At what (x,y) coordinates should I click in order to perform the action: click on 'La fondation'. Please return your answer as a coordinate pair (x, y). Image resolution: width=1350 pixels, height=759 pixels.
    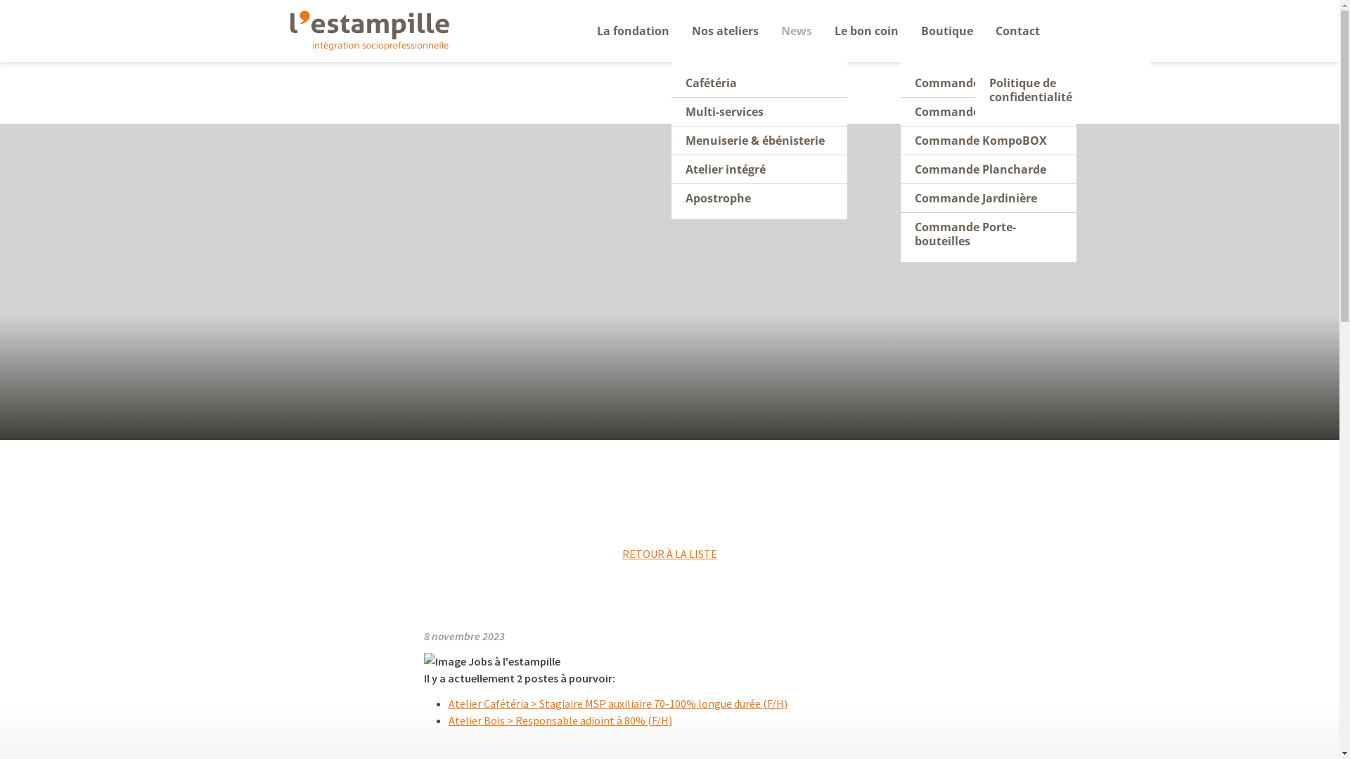
    Looking at the image, I should click on (631, 30).